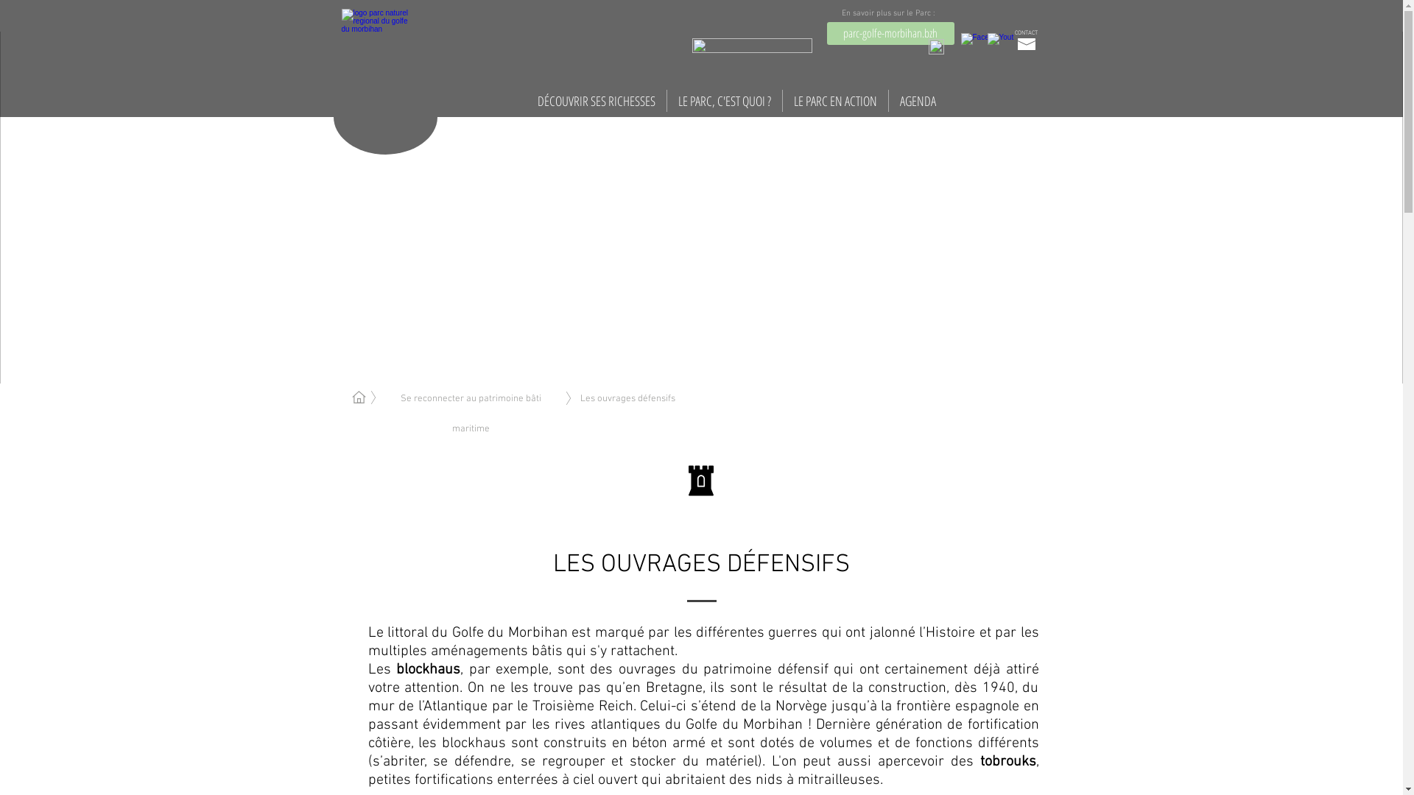  I want to click on 'parc-golfe-morbihan.bzh', so click(889, 33).